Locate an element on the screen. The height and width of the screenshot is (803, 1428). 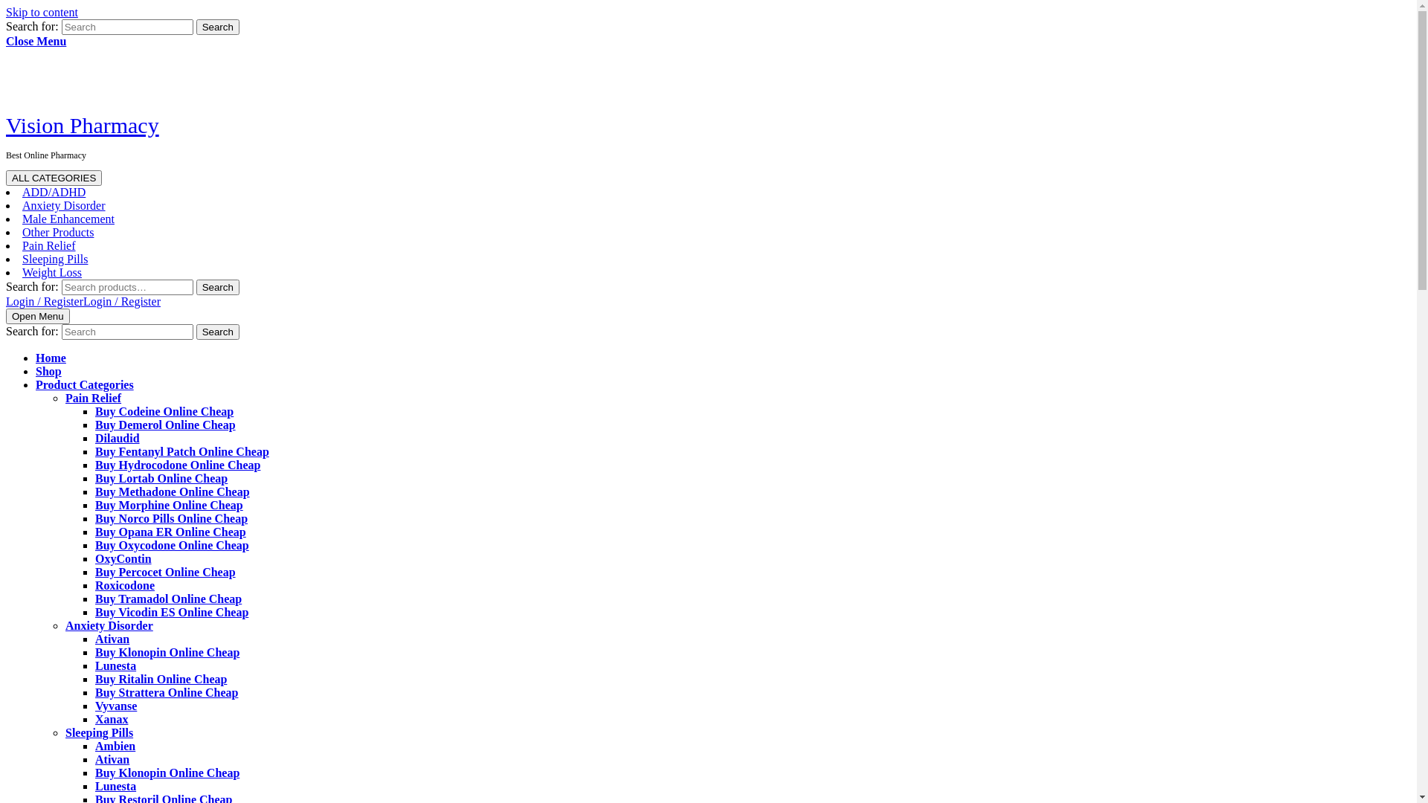
'ADD/ADHD' is located at coordinates (54, 191).